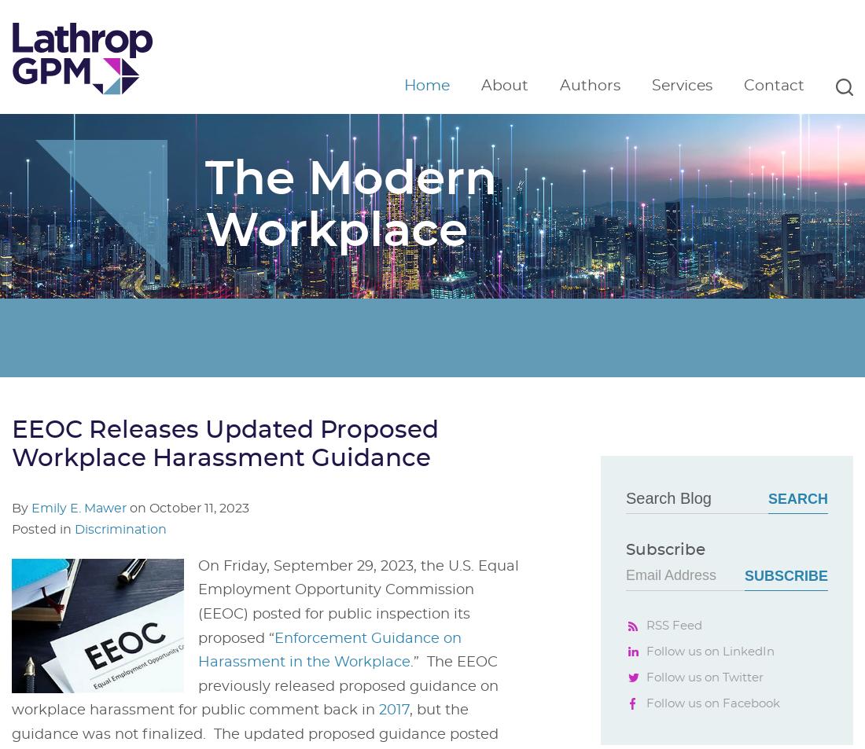 The height and width of the screenshot is (749, 865). Describe the element at coordinates (120, 529) in the screenshot. I see `'Discrimination'` at that location.